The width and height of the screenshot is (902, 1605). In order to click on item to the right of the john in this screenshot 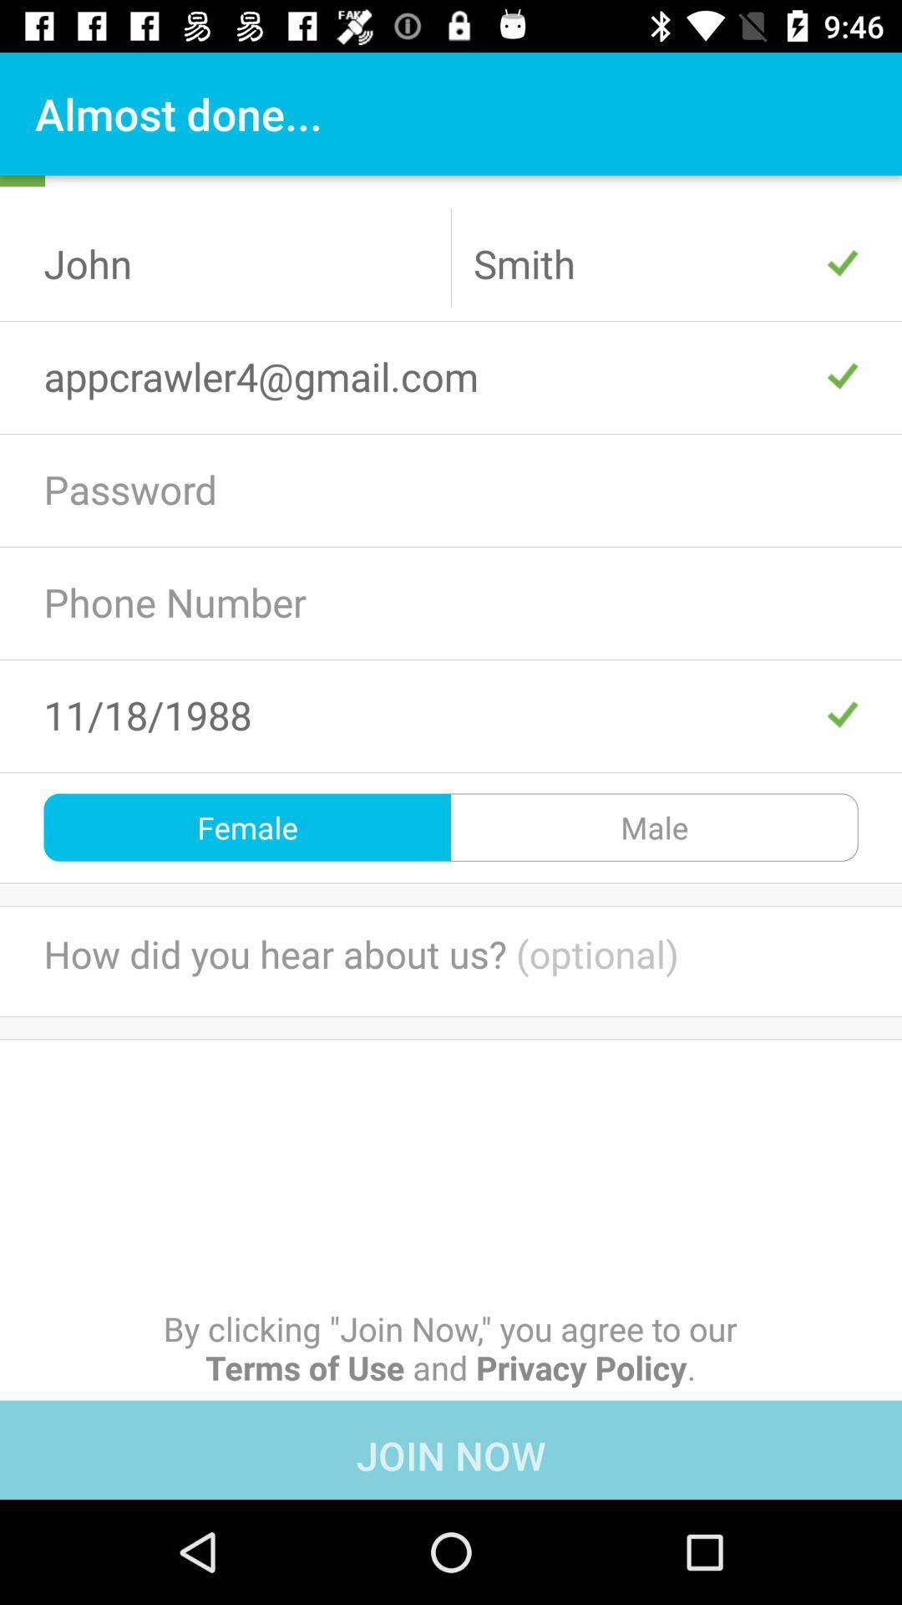, I will do `click(665, 262)`.